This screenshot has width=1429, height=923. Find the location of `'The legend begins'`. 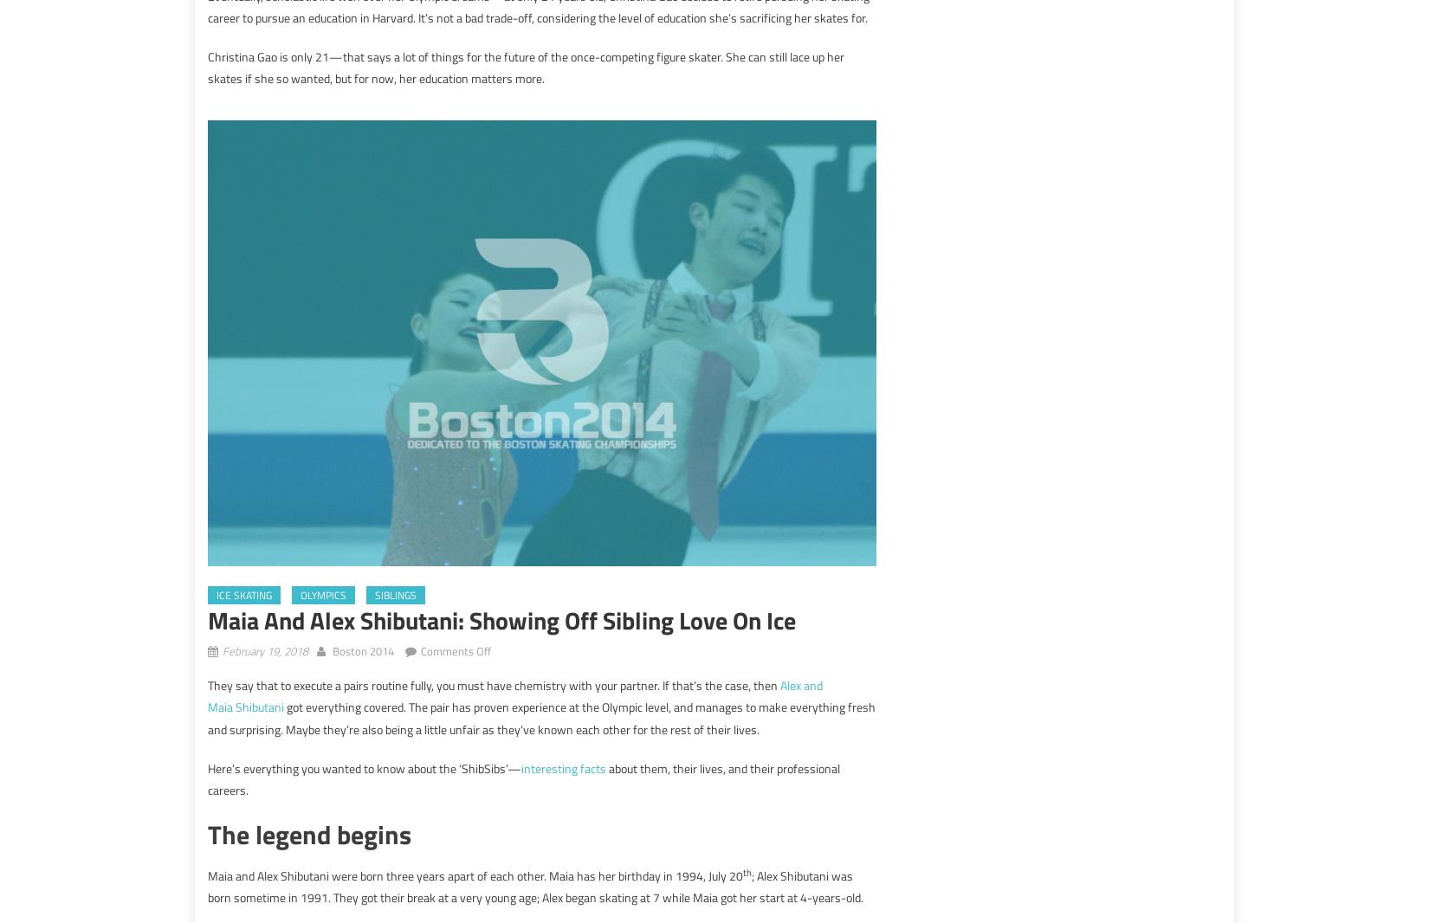

'The legend begins' is located at coordinates (309, 834).